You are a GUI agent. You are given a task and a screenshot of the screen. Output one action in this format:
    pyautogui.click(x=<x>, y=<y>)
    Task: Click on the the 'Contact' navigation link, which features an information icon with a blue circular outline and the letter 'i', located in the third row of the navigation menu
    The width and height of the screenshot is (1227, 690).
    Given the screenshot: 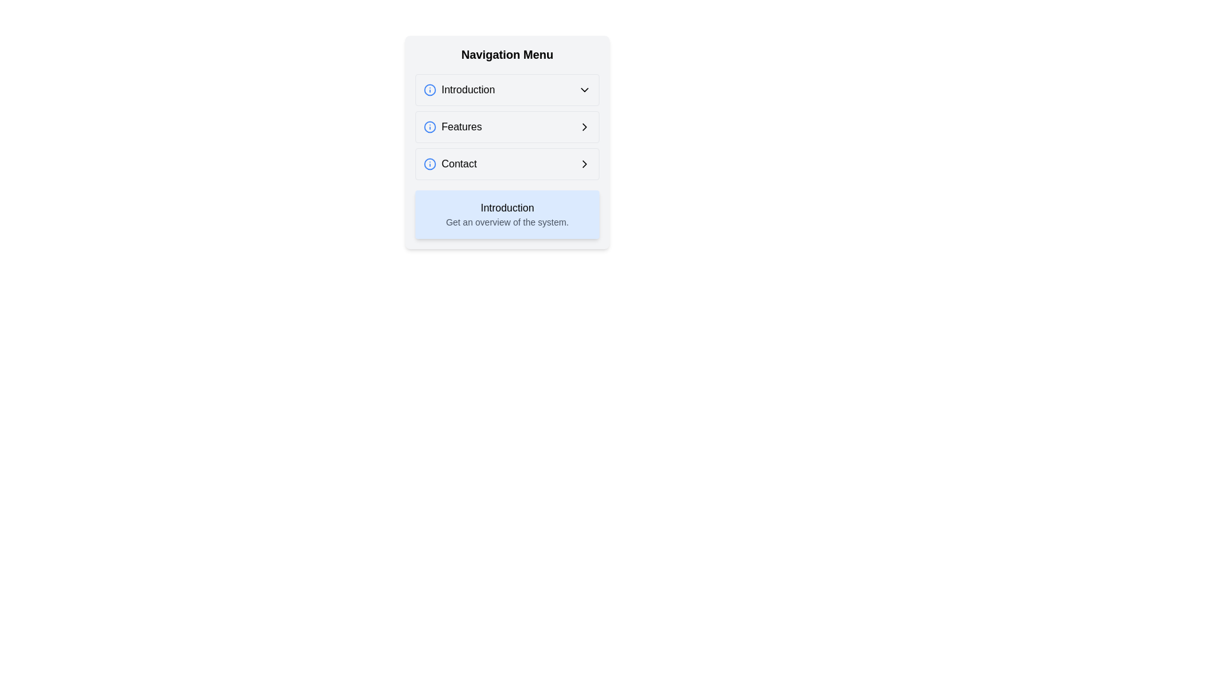 What is the action you would take?
    pyautogui.click(x=450, y=164)
    